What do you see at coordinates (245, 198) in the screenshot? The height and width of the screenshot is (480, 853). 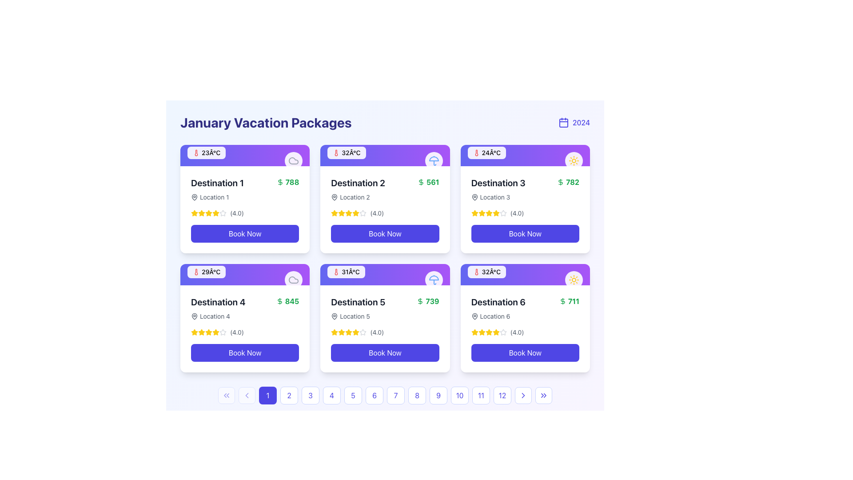 I see `displayed information from the top-left card in the 'January Vacation Packages' section, which contains temperature, weather information, destination name, and rating` at bounding box center [245, 198].